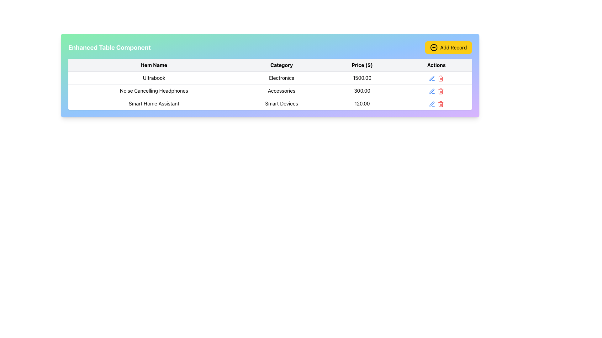  Describe the element at coordinates (431, 91) in the screenshot. I see `the pen icon in the Actions column of the second row of the table` at that location.